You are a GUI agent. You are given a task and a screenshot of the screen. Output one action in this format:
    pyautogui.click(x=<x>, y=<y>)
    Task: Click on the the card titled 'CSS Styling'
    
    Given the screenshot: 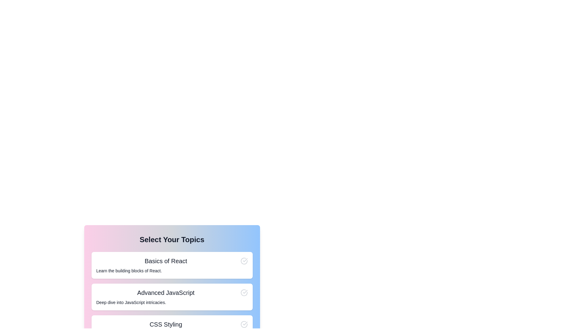 What is the action you would take?
    pyautogui.click(x=172, y=328)
    